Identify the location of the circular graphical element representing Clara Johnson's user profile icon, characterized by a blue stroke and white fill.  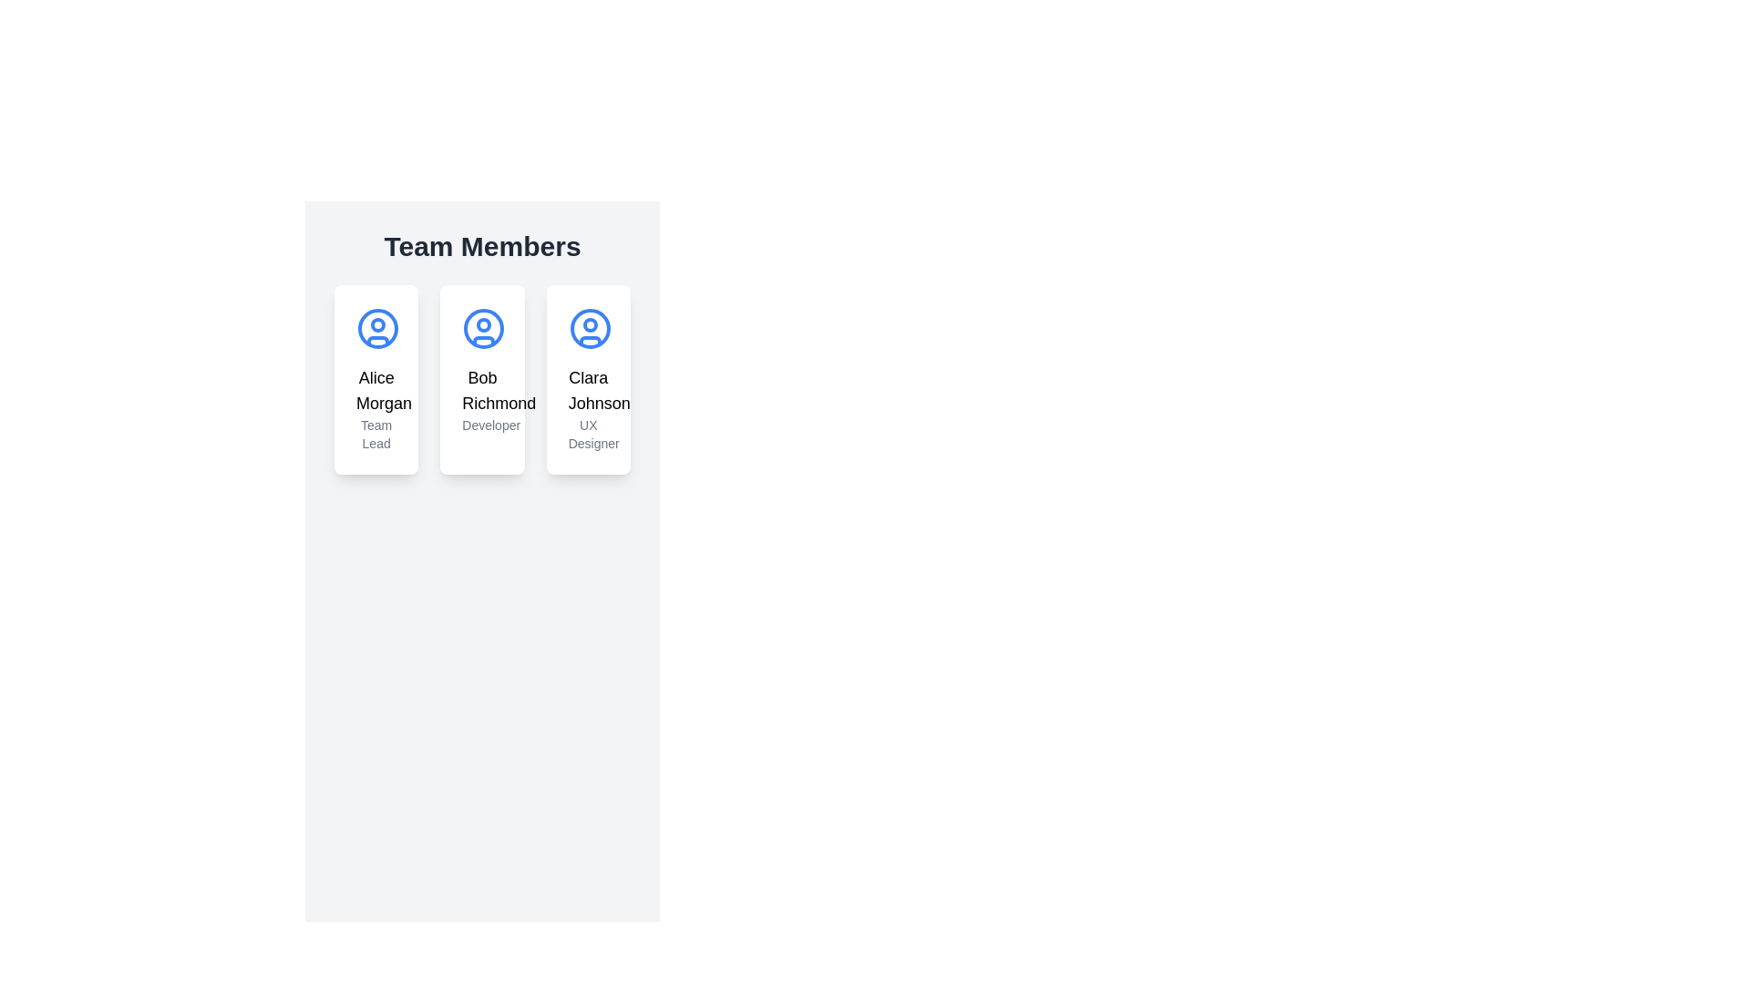
(590, 329).